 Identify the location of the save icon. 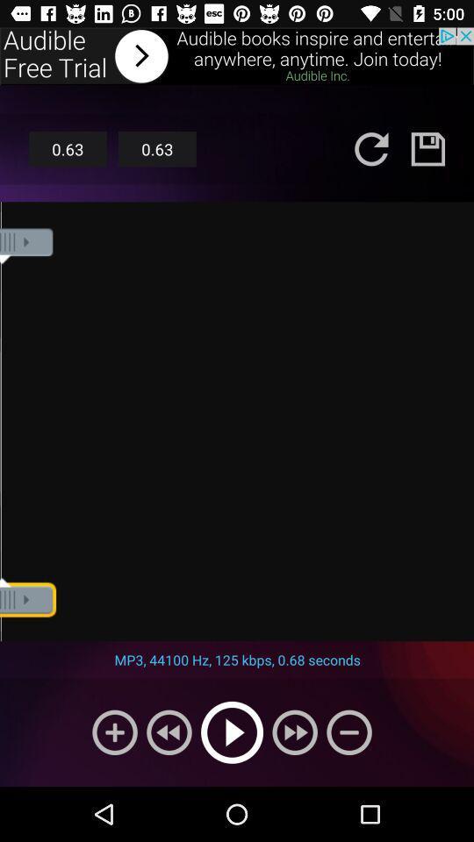
(427, 148).